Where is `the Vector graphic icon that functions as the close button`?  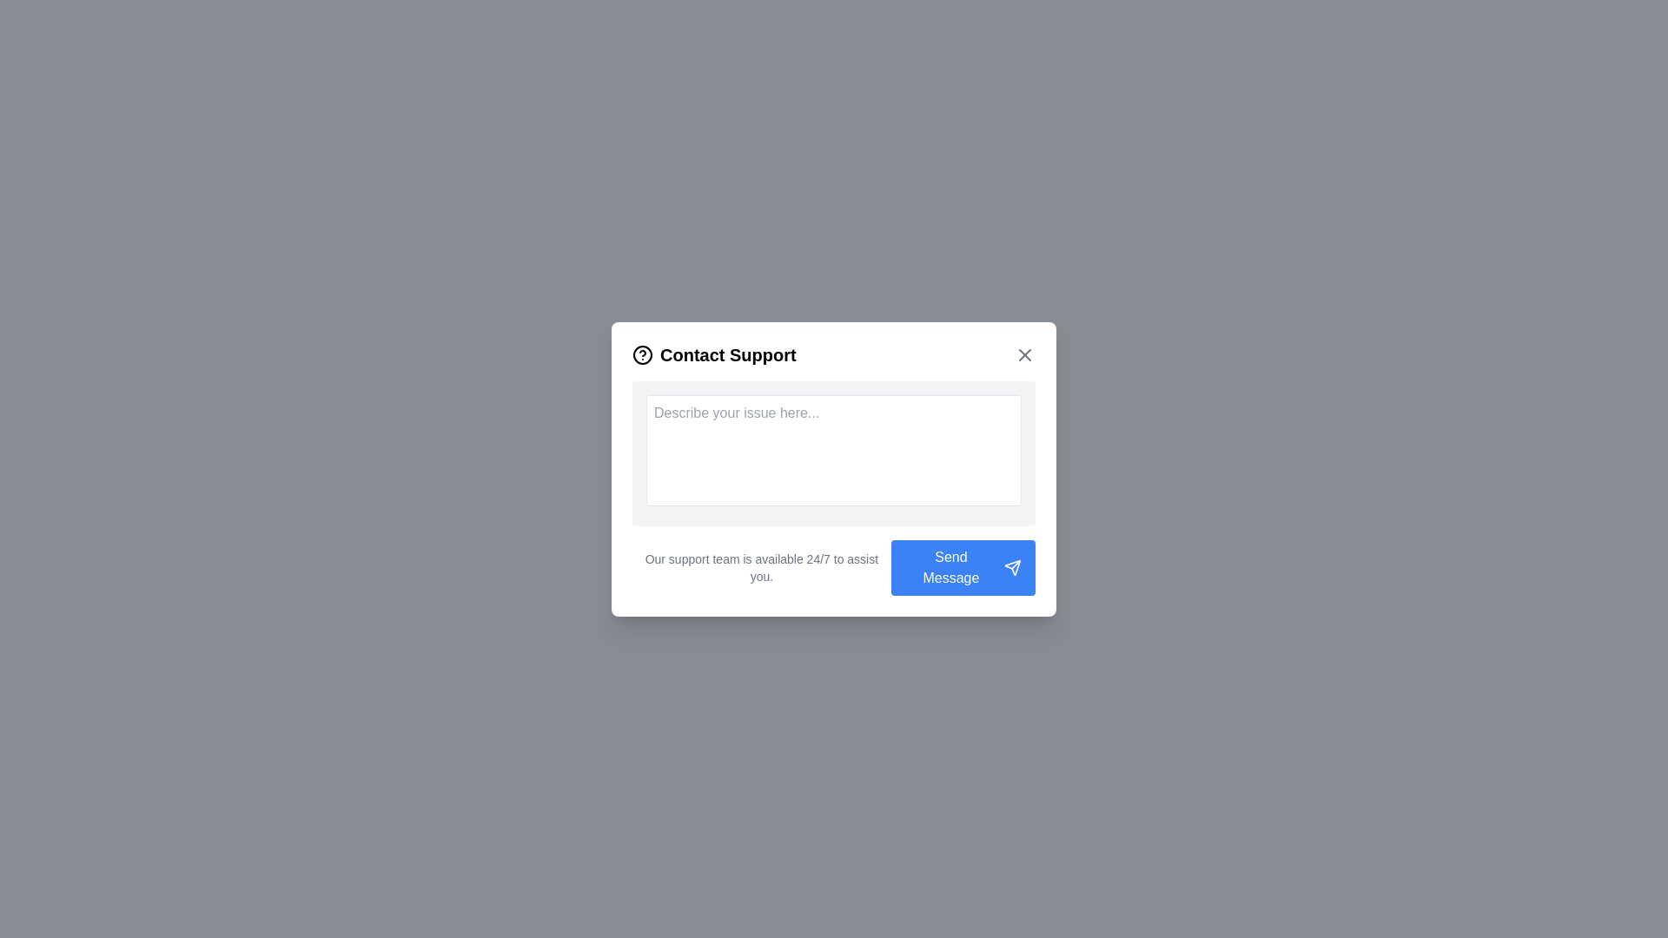
the Vector graphic icon that functions as the close button is located at coordinates (1025, 353).